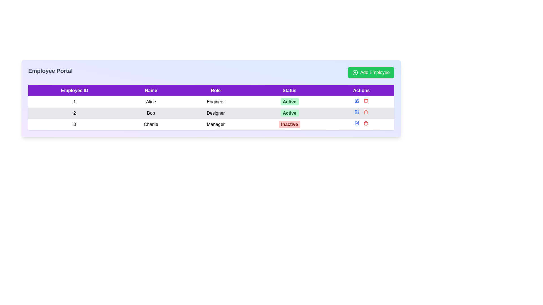 This screenshot has width=543, height=305. I want to click on the 'Edit' button located in the 'Actions' column of the table in the 'Employee Portal', so click(356, 123).